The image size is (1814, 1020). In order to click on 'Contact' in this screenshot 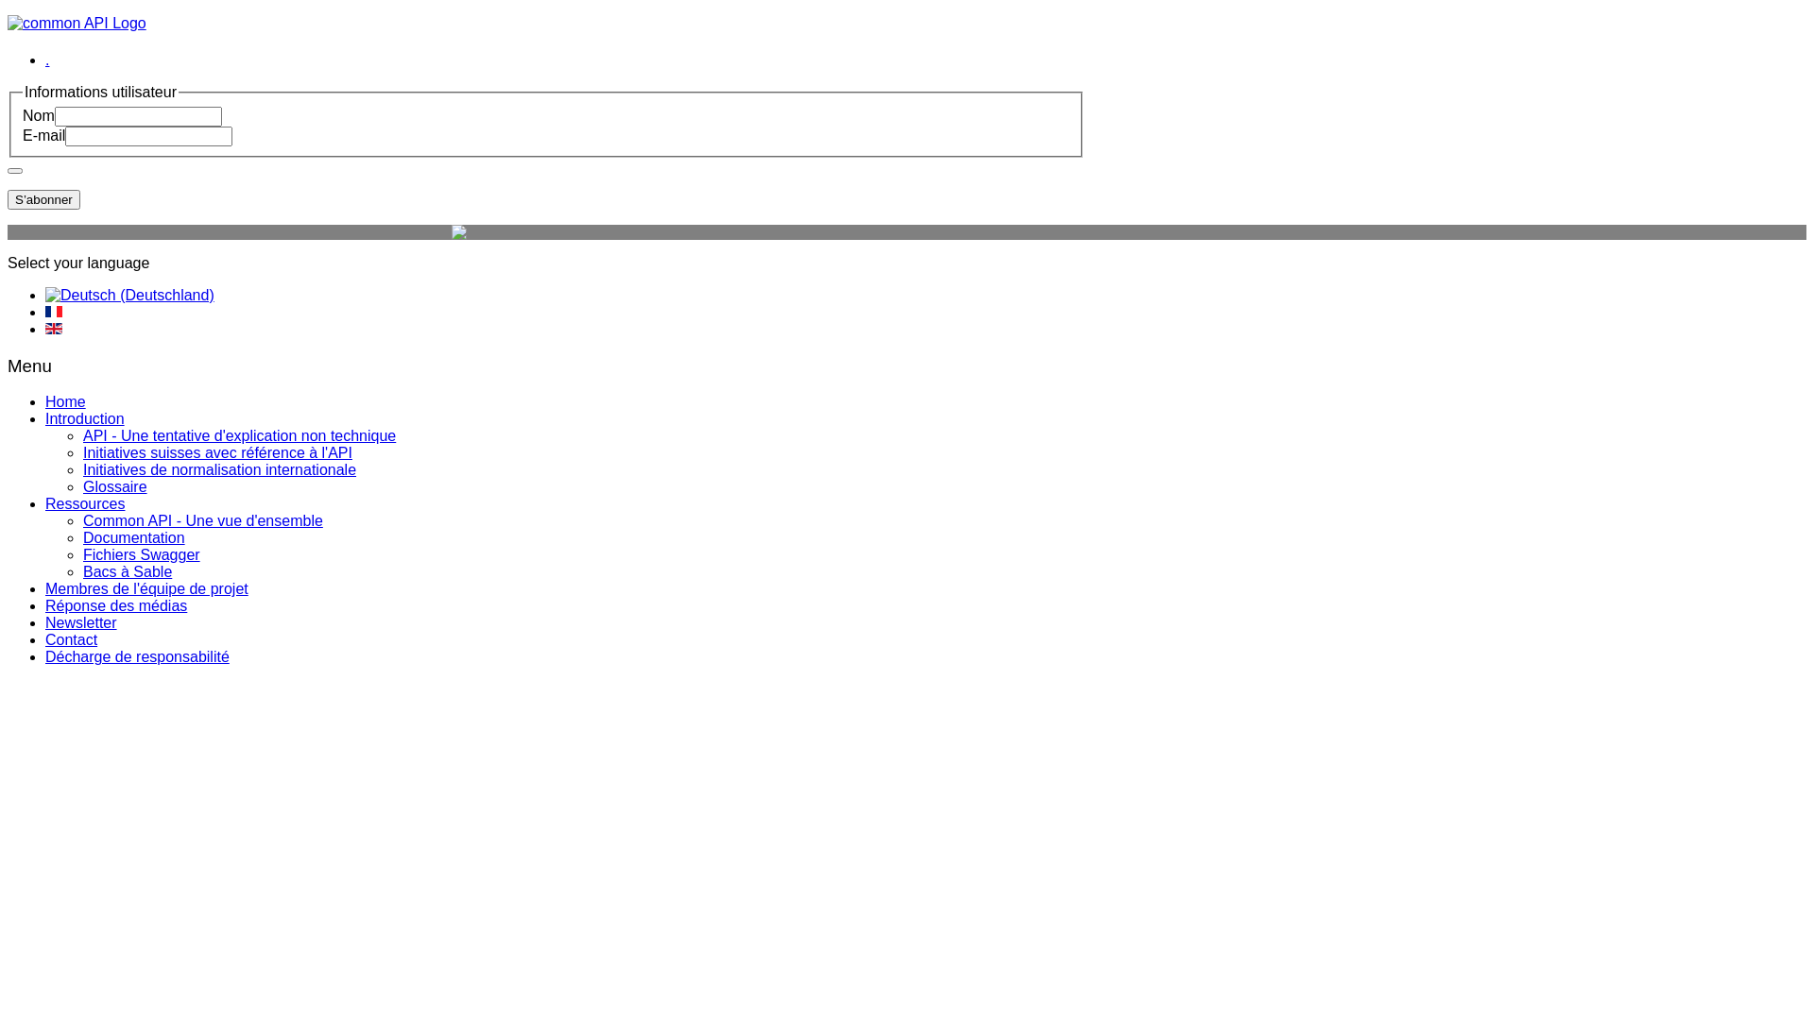, I will do `click(71, 638)`.